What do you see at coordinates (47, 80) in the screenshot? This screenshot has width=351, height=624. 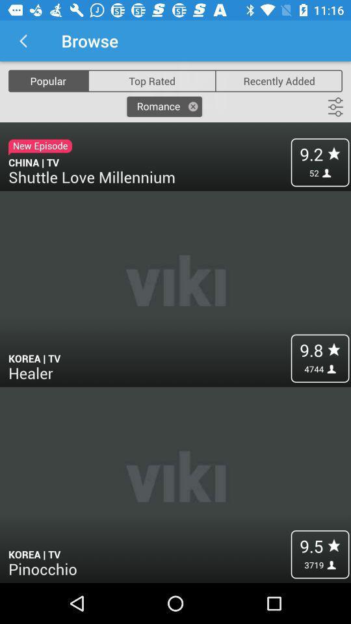 I see `the icon above the new episode item` at bounding box center [47, 80].